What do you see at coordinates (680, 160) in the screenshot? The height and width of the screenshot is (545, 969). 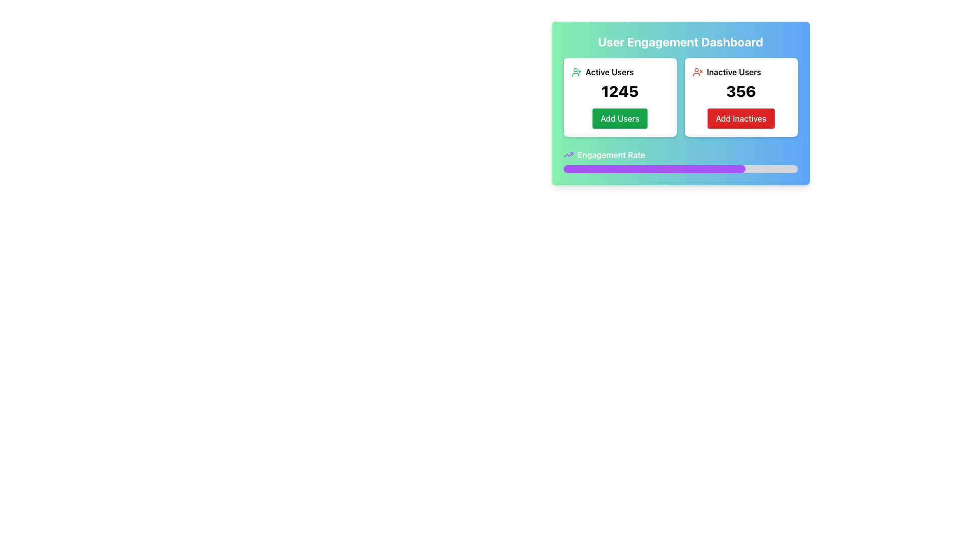 I see `label of the 'Engagement Rate' progress bar, which is located at the bottom of the 'User Engagement Dashboard' card and features a stylized upward trend icon` at bounding box center [680, 160].